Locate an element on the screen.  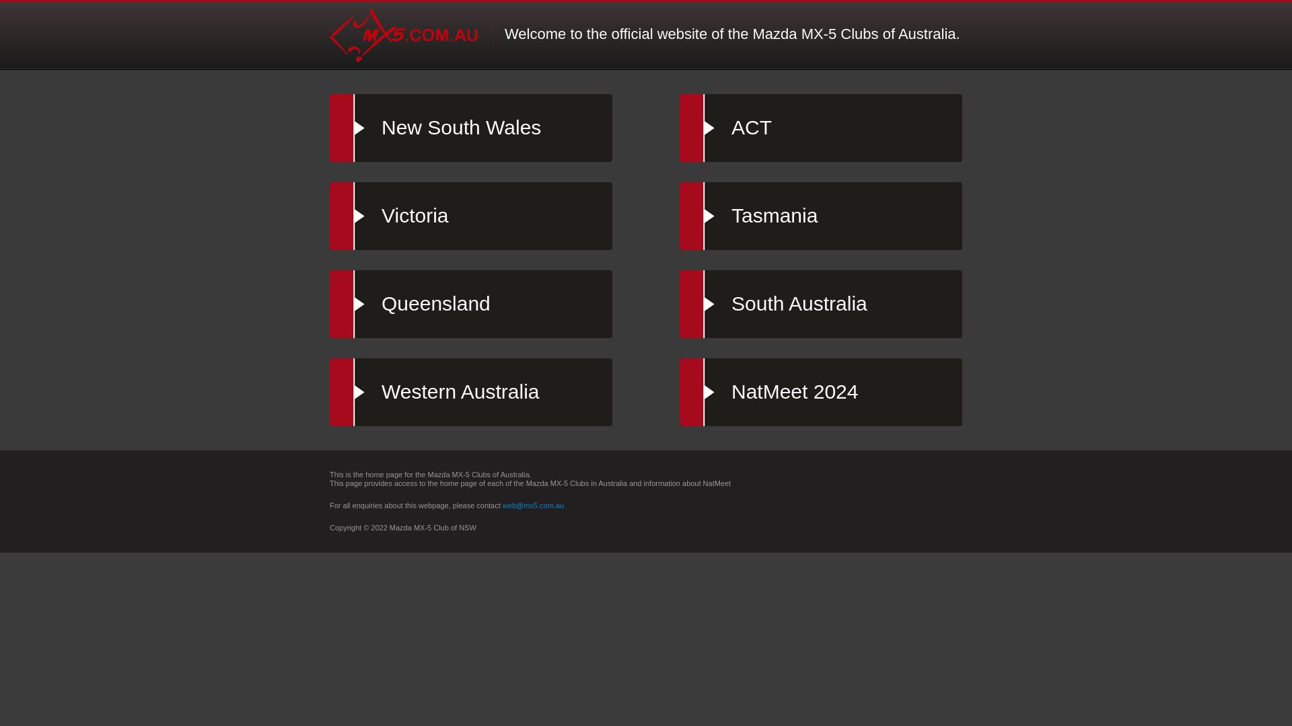
'Western Australia' is located at coordinates (471, 392).